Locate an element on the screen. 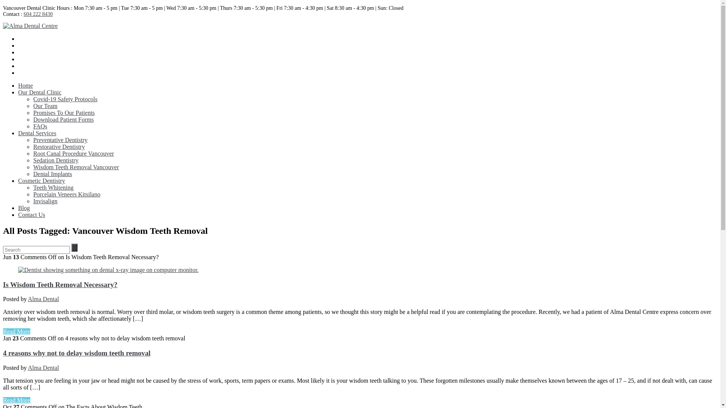 This screenshot has height=408, width=726. 'FAQs' is located at coordinates (40, 126).